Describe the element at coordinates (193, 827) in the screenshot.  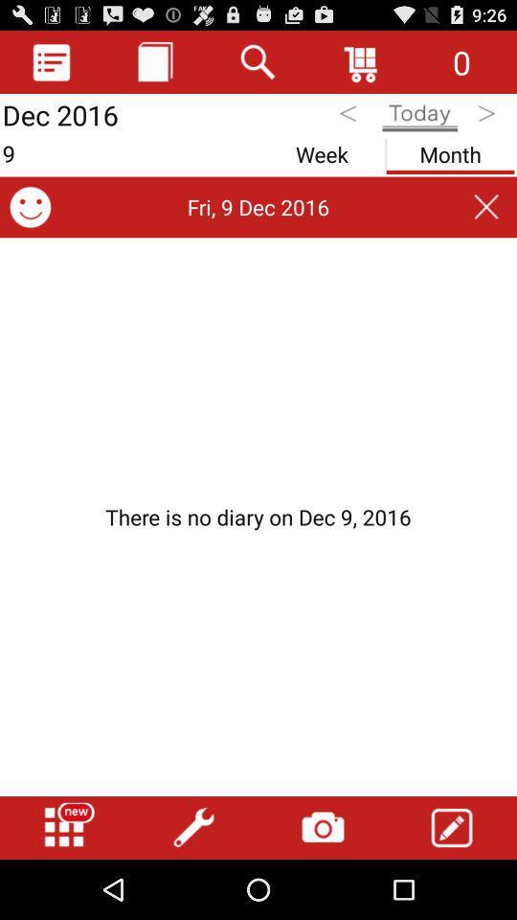
I see `settings` at that location.